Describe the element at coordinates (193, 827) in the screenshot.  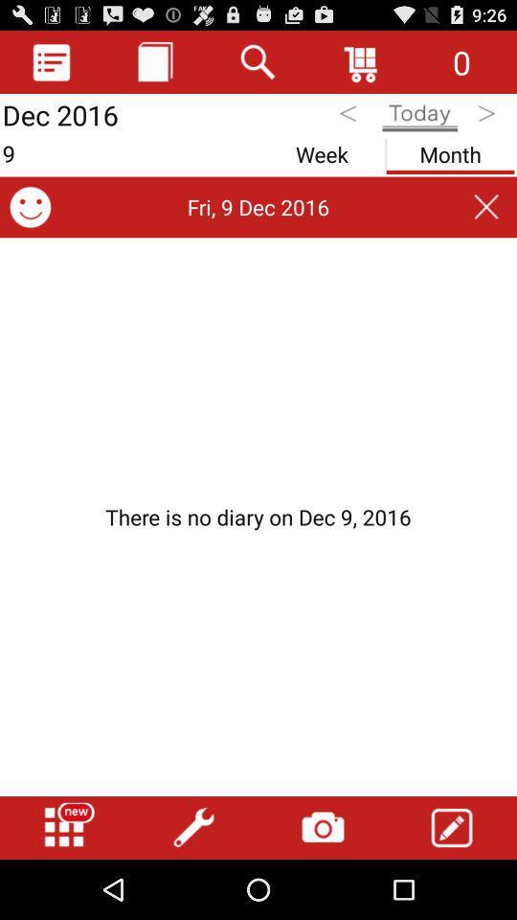
I see `settings` at that location.